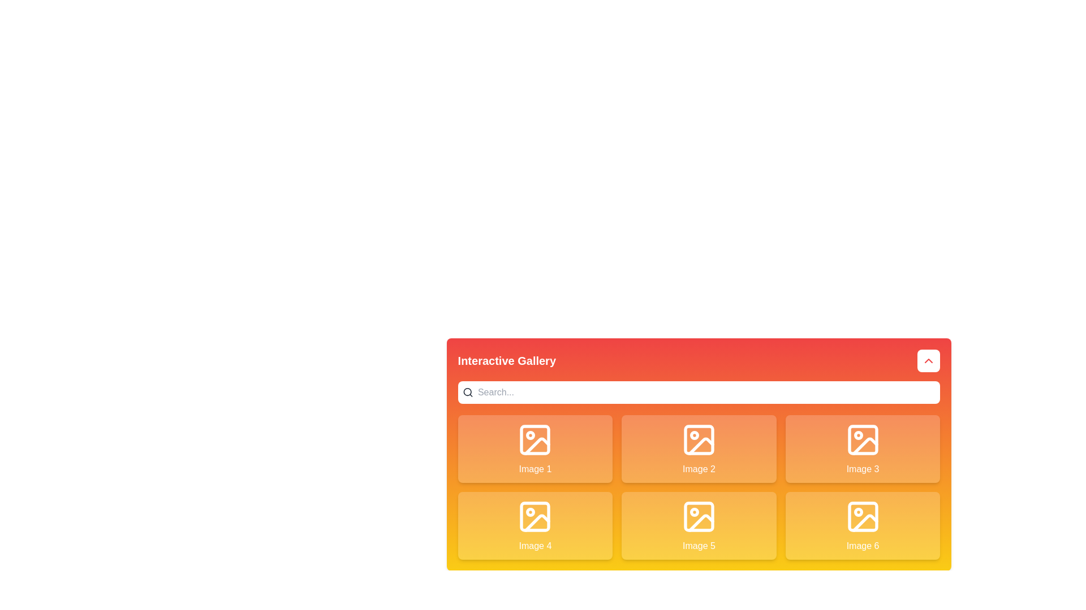 This screenshot has height=610, width=1086. Describe the element at coordinates (698, 516) in the screenshot. I see `the decorative graphical rectangle located within the fifth image icon from the left on the second row of the gallery layout` at that location.